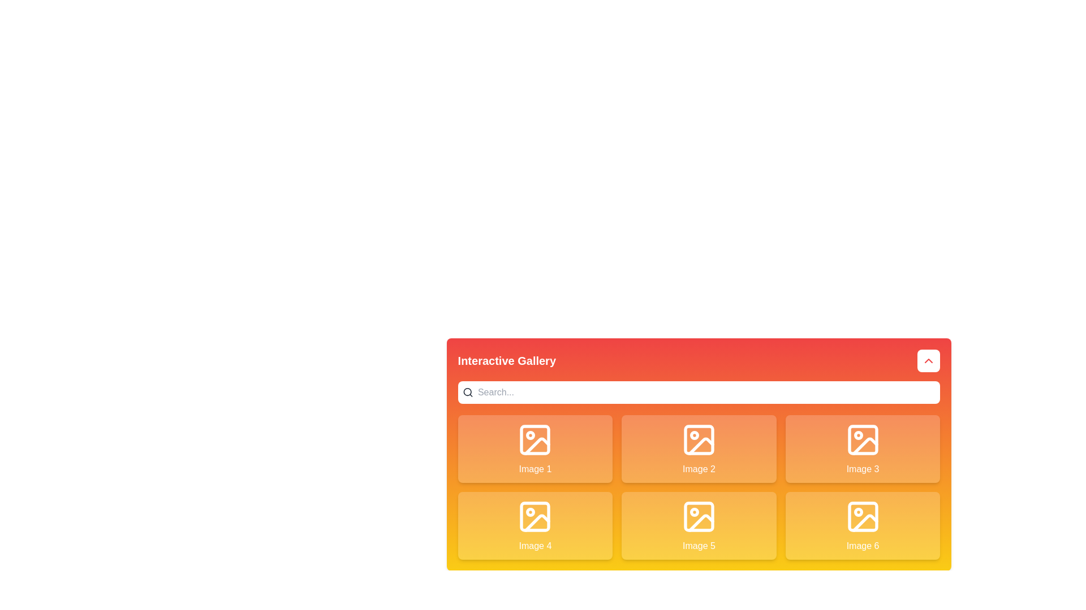 This screenshot has height=610, width=1086. Describe the element at coordinates (698, 516) in the screenshot. I see `the decorative graphical rectangle located within the fifth image icon from the left on the second row of the gallery layout` at that location.